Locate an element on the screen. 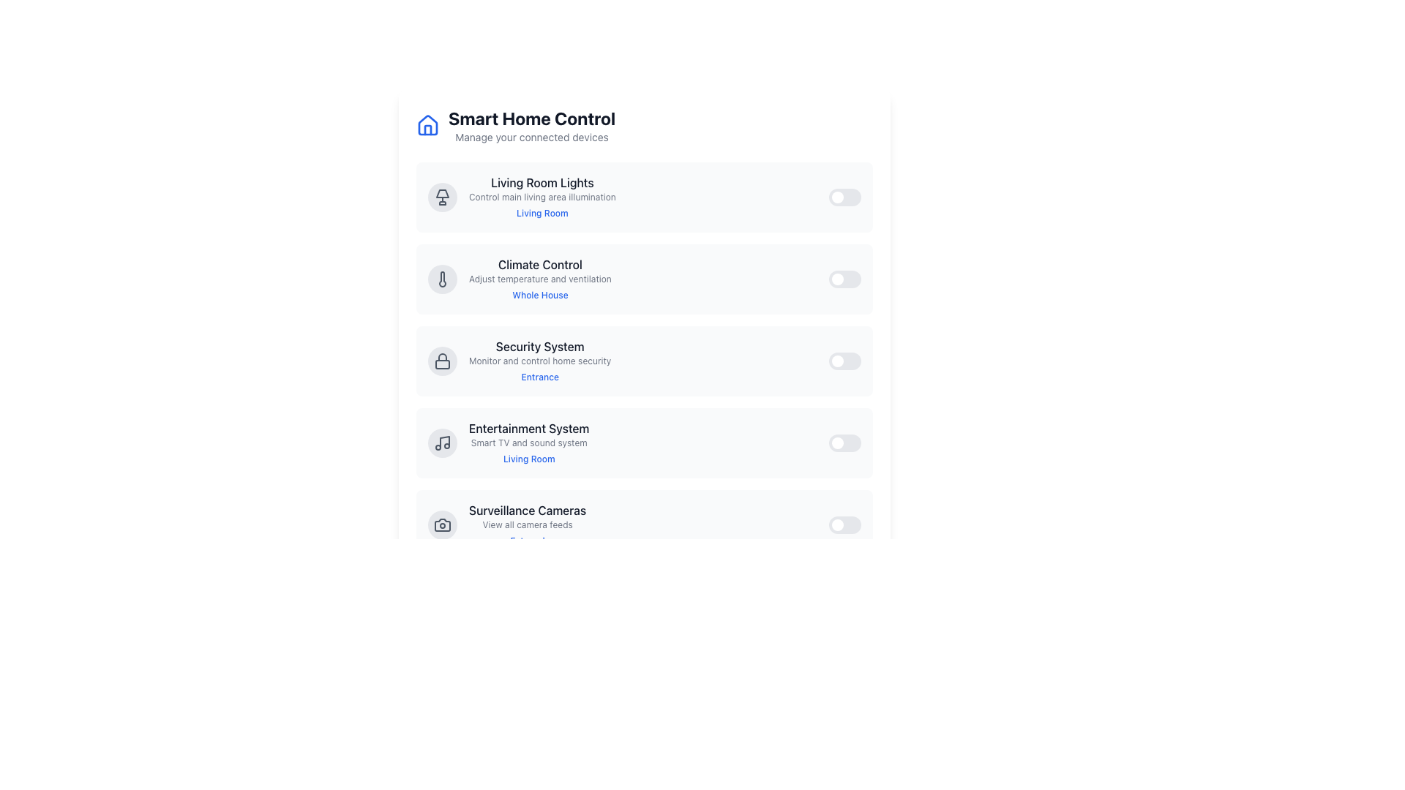 This screenshot has width=1405, height=790. the 'Climate Control' text label, which is styled with a medium font weight and dark gray color, positioned as the title of its section in a vertical list layout is located at coordinates (539, 265).